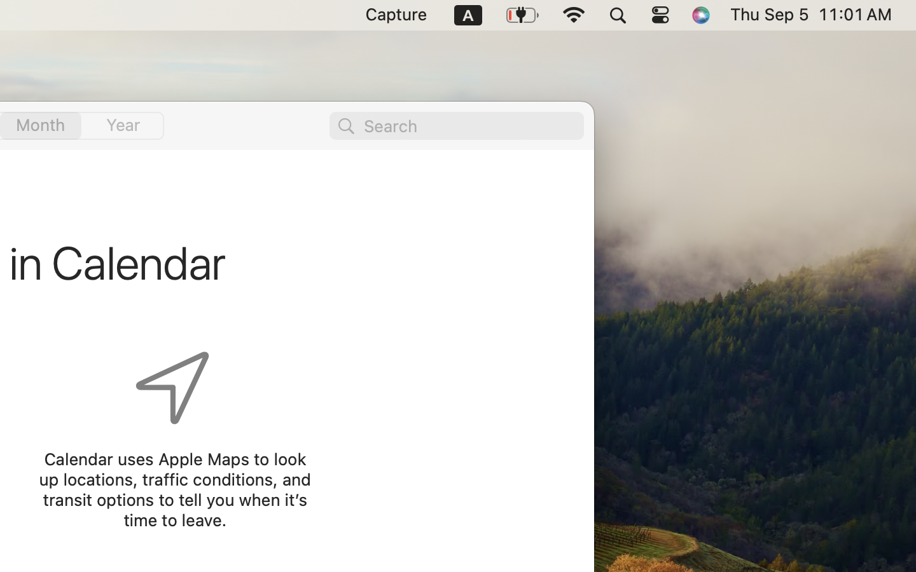  Describe the element at coordinates (174, 489) in the screenshot. I see `'Calendar uses Apple Maps to look up locations, traffic conditions, and transit options to tell you when it’s time to leave.'` at that location.